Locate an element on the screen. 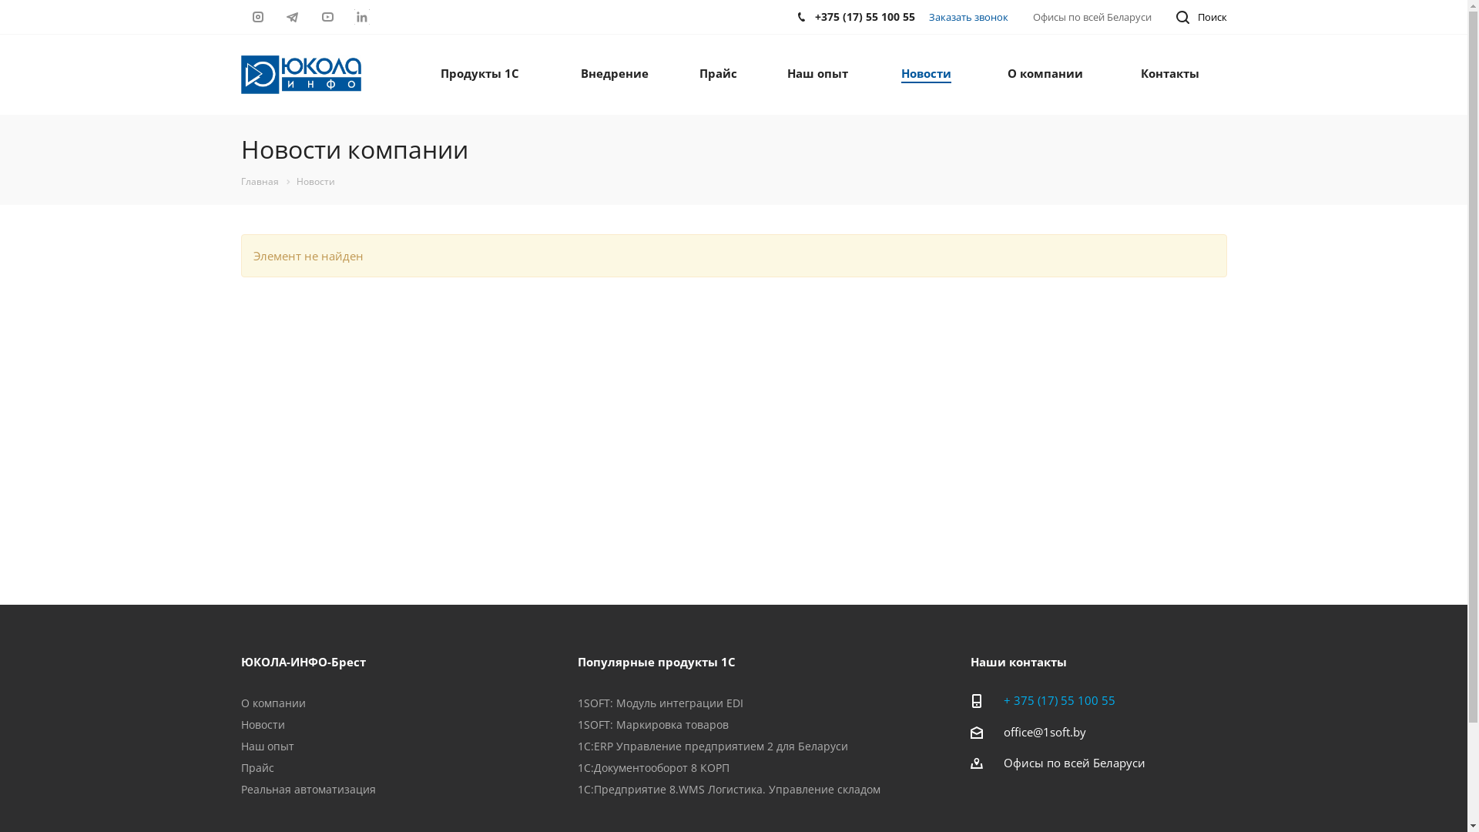 The image size is (1479, 832). '+ 375 (17) 55 100 55' is located at coordinates (1058, 700).